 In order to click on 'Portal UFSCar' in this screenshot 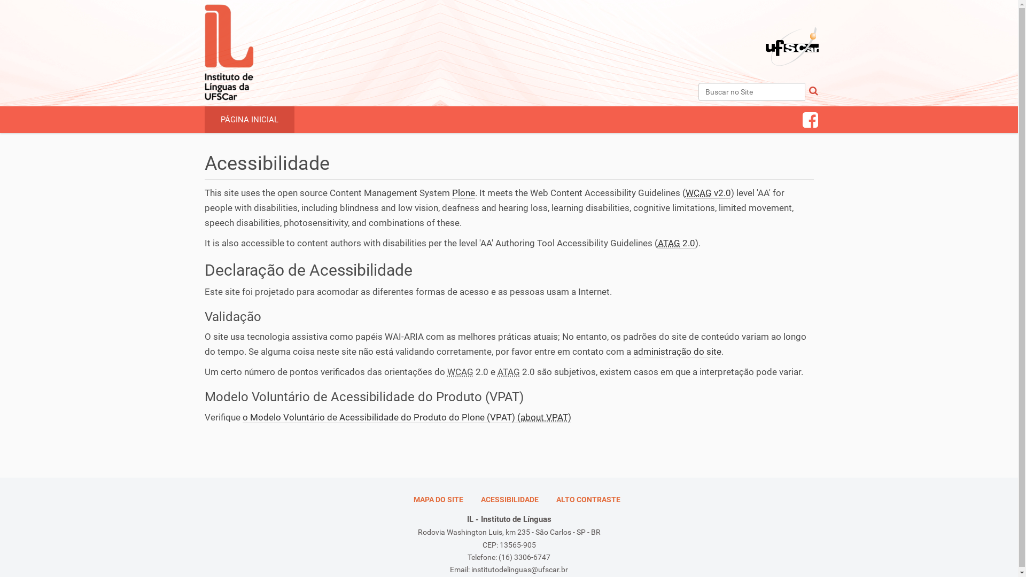, I will do `click(787, 19)`.